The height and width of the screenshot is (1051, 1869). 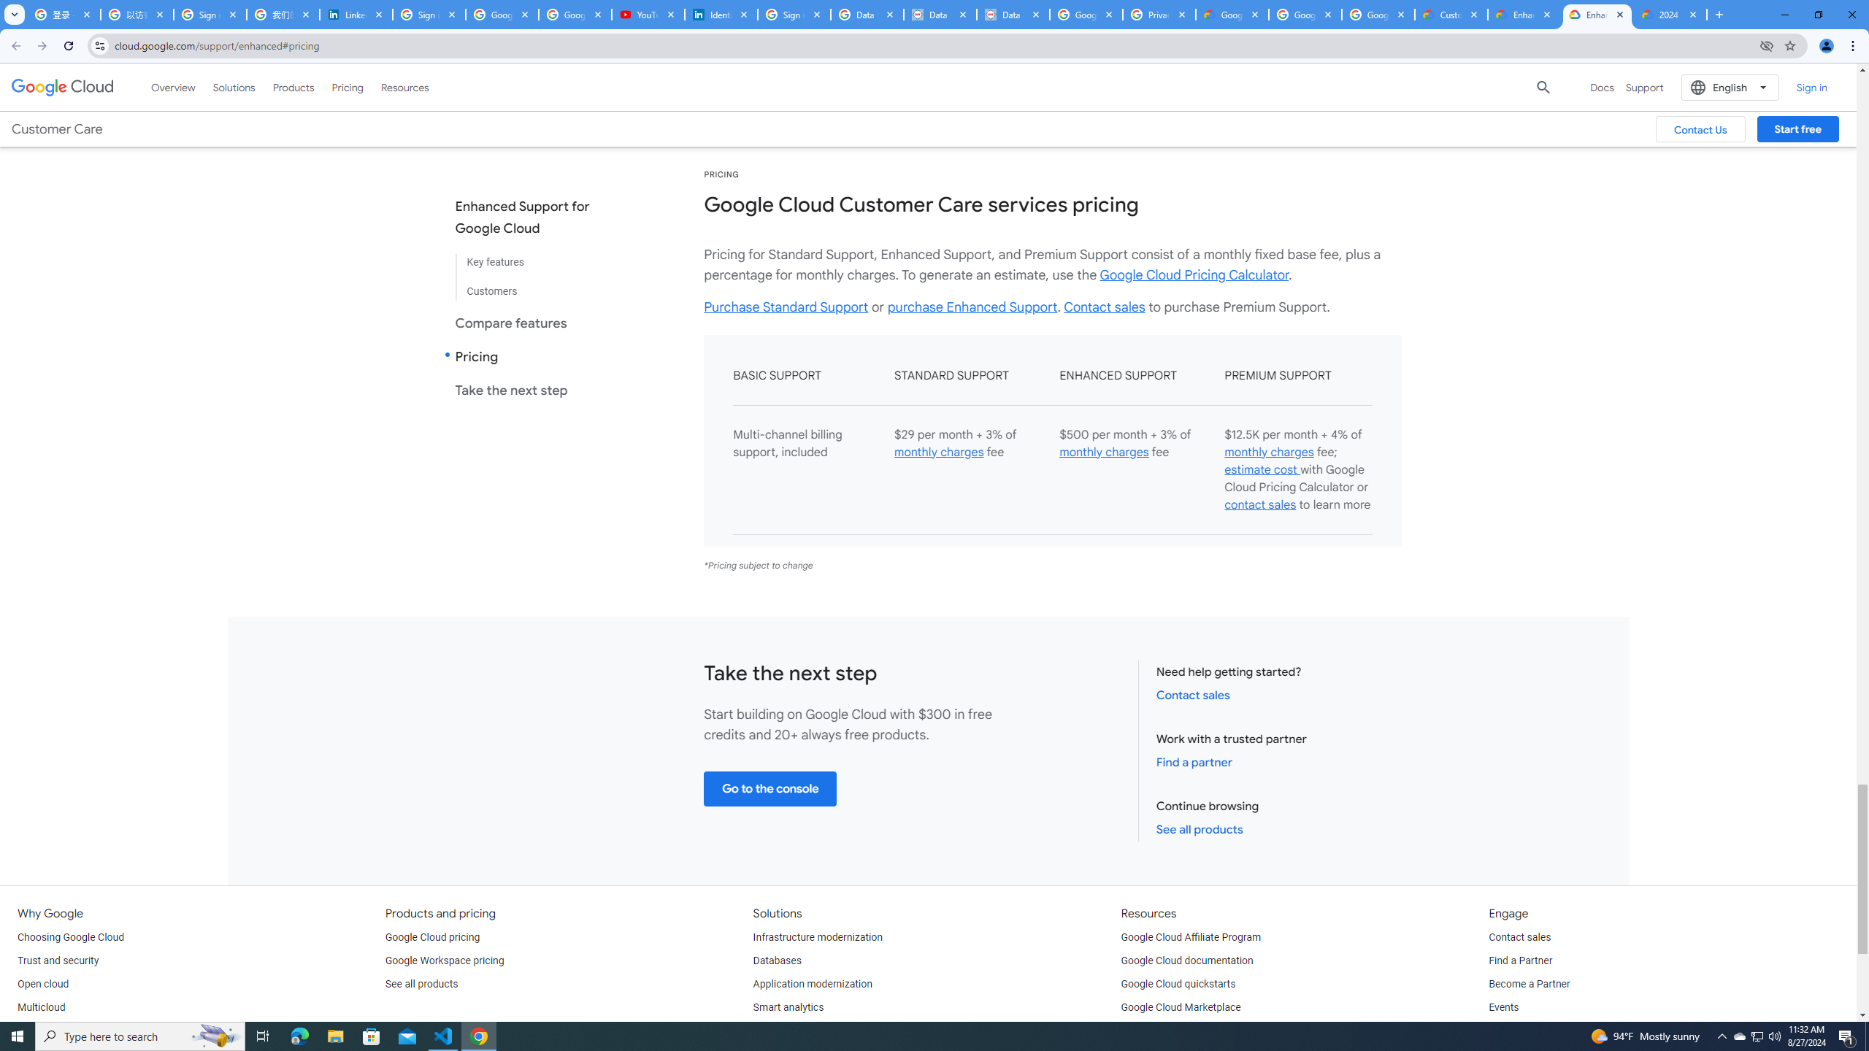 I want to click on 'Find a partner', so click(x=1193, y=761).